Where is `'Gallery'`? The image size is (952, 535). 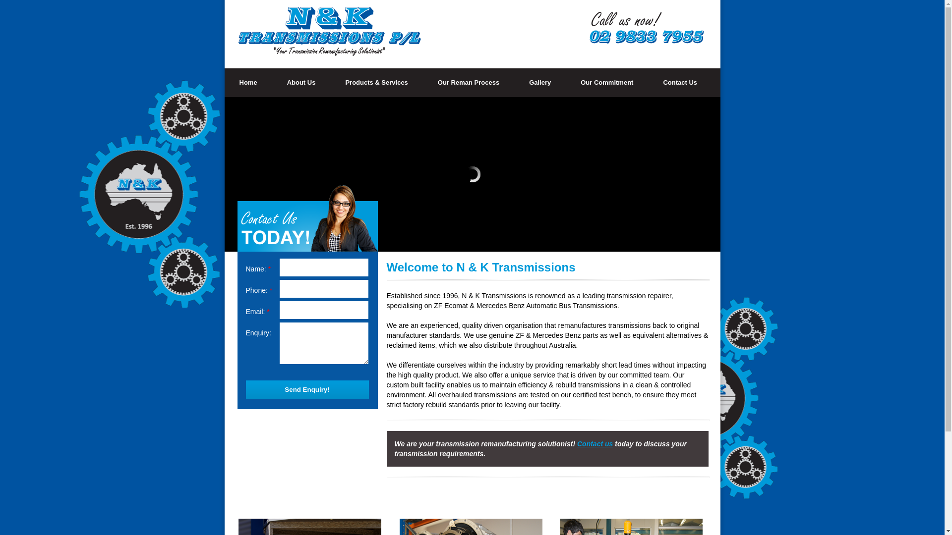
'Gallery' is located at coordinates (539, 82).